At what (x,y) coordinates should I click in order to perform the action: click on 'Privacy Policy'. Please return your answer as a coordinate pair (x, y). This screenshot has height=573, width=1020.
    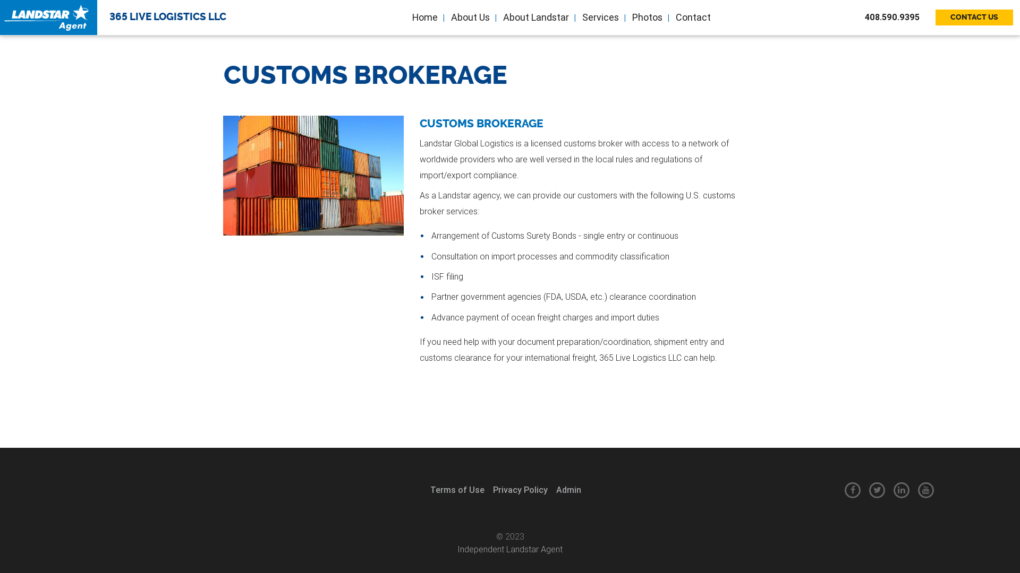
    Looking at the image, I should click on (520, 490).